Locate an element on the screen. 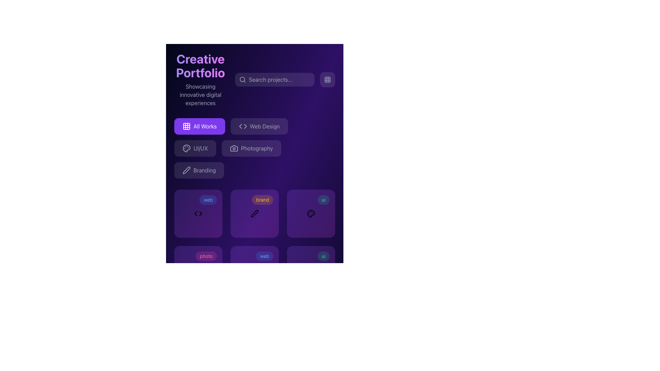 This screenshot has height=371, width=660. the 'Urban Photography' interactive card component using keyboard navigation is located at coordinates (198, 270).